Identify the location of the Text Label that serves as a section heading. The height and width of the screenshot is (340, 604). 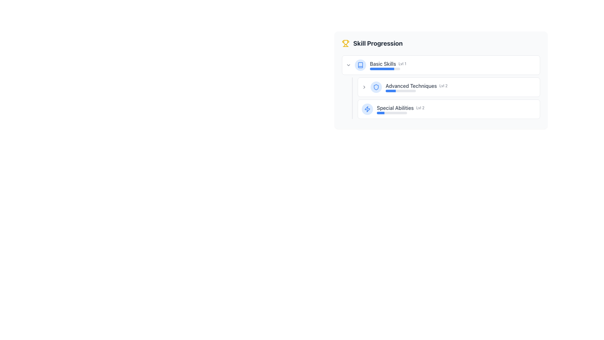
(377, 43).